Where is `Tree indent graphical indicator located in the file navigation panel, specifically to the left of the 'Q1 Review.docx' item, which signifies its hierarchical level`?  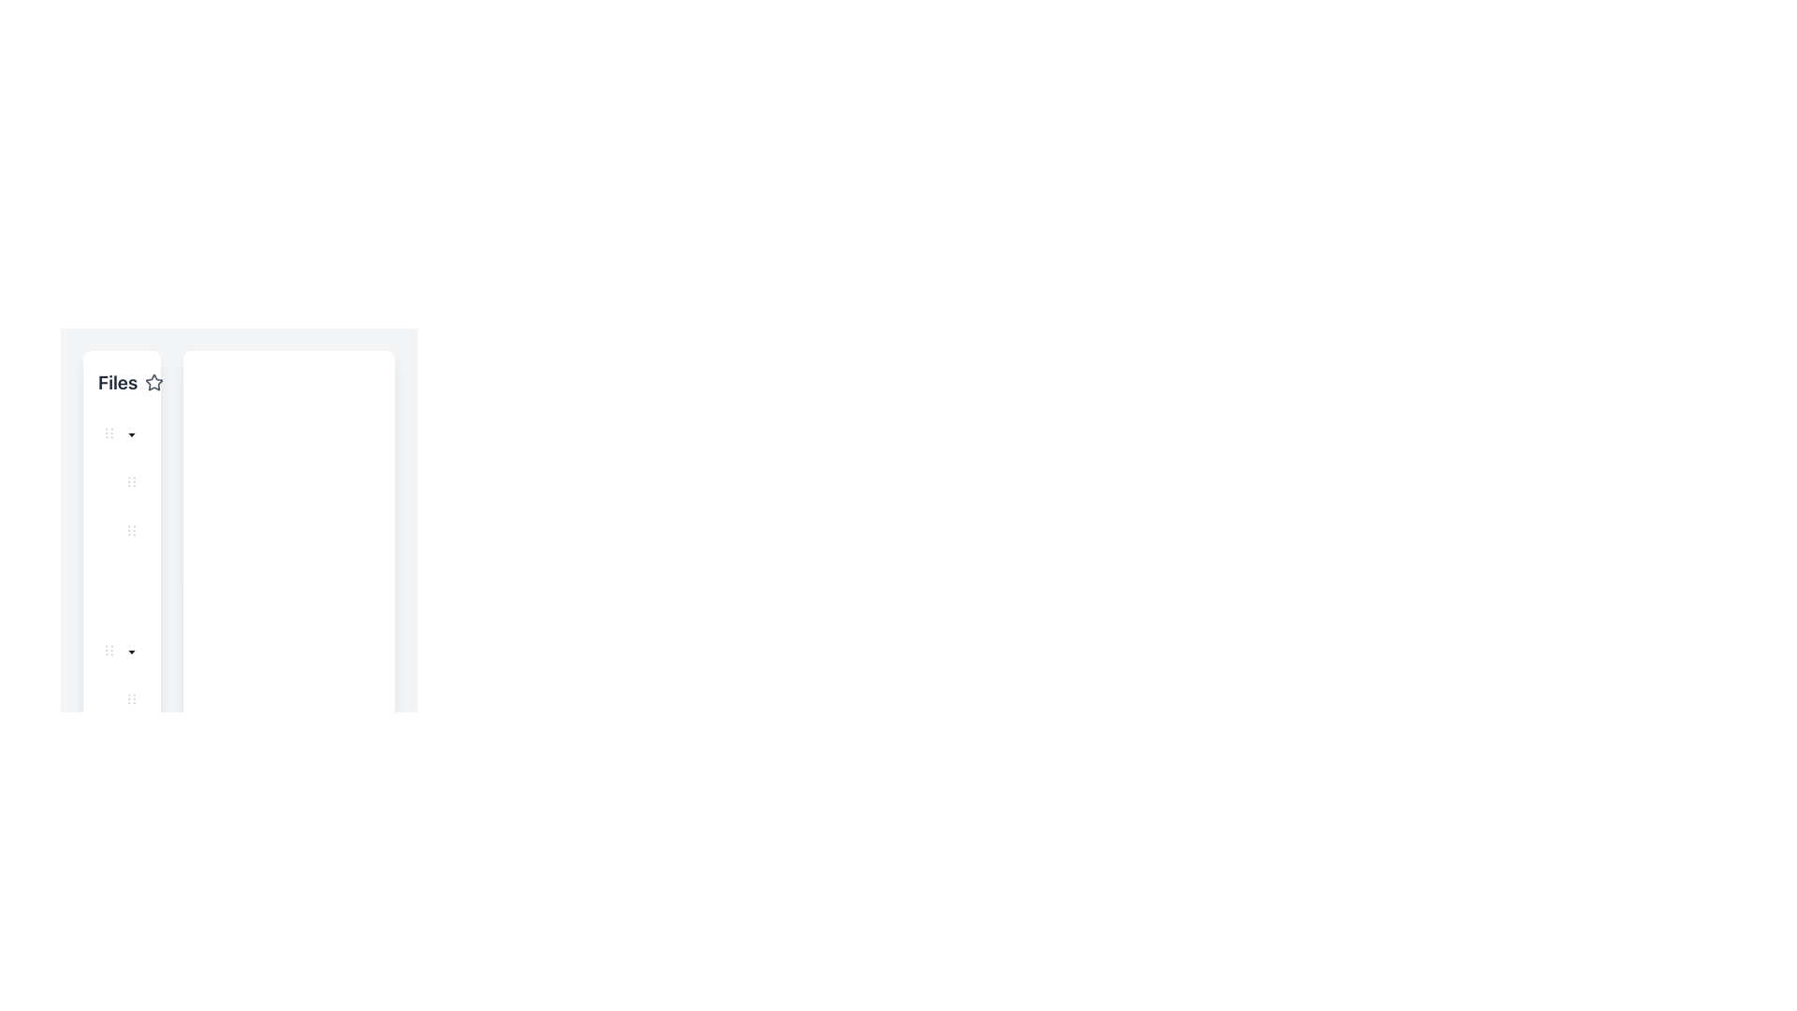
Tree indent graphical indicator located in the file navigation panel, specifically to the left of the 'Q1 Review.docx' item, which signifies its hierarchical level is located at coordinates (120, 613).